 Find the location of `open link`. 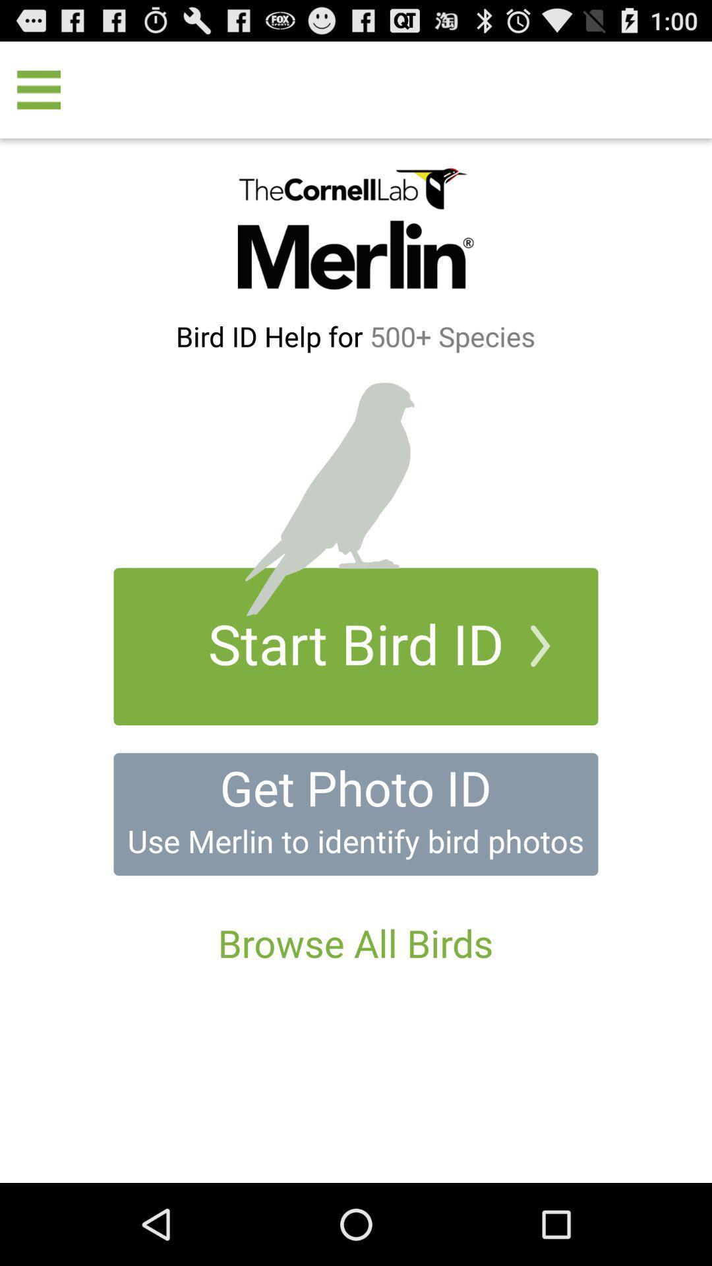

open link is located at coordinates (356, 814).